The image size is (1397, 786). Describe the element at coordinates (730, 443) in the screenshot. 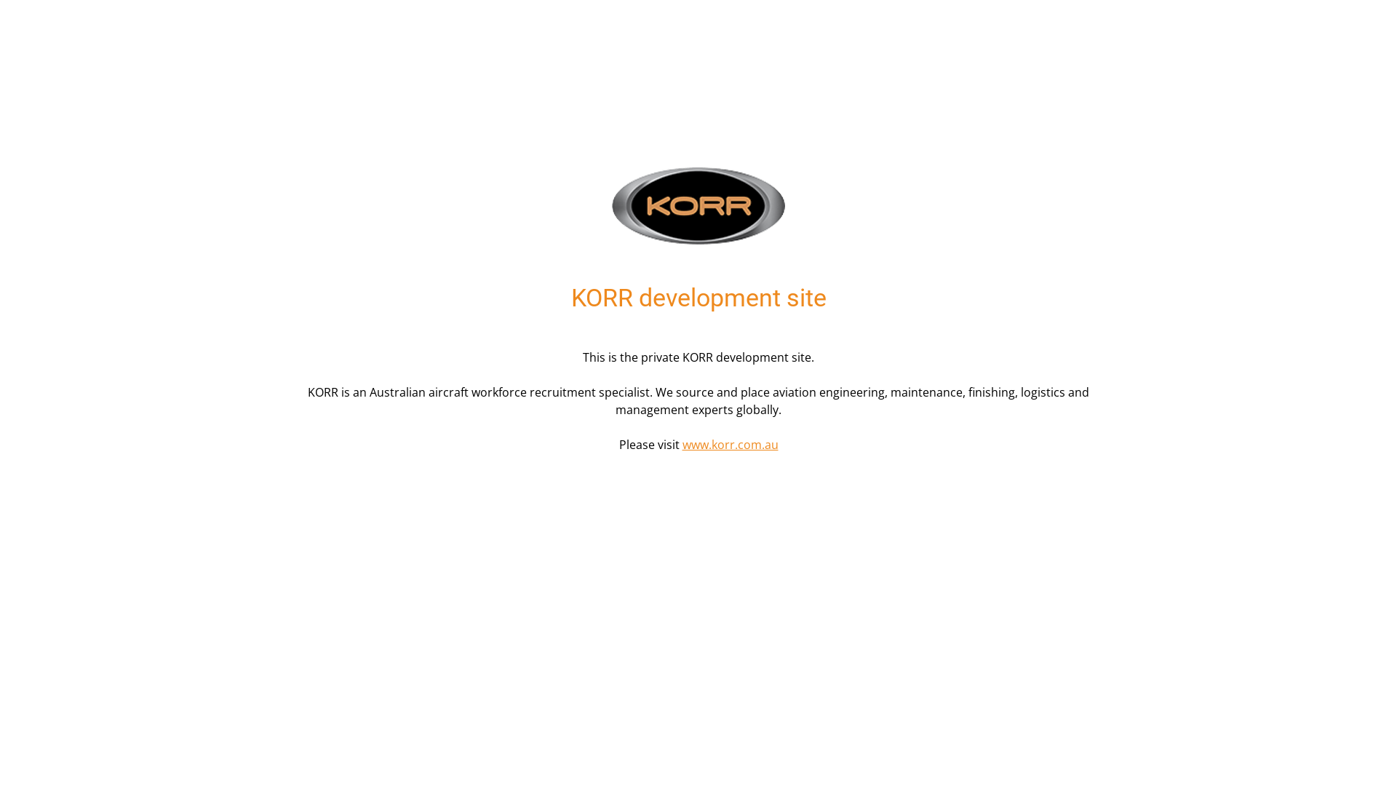

I see `'www.korr.com.au'` at that location.